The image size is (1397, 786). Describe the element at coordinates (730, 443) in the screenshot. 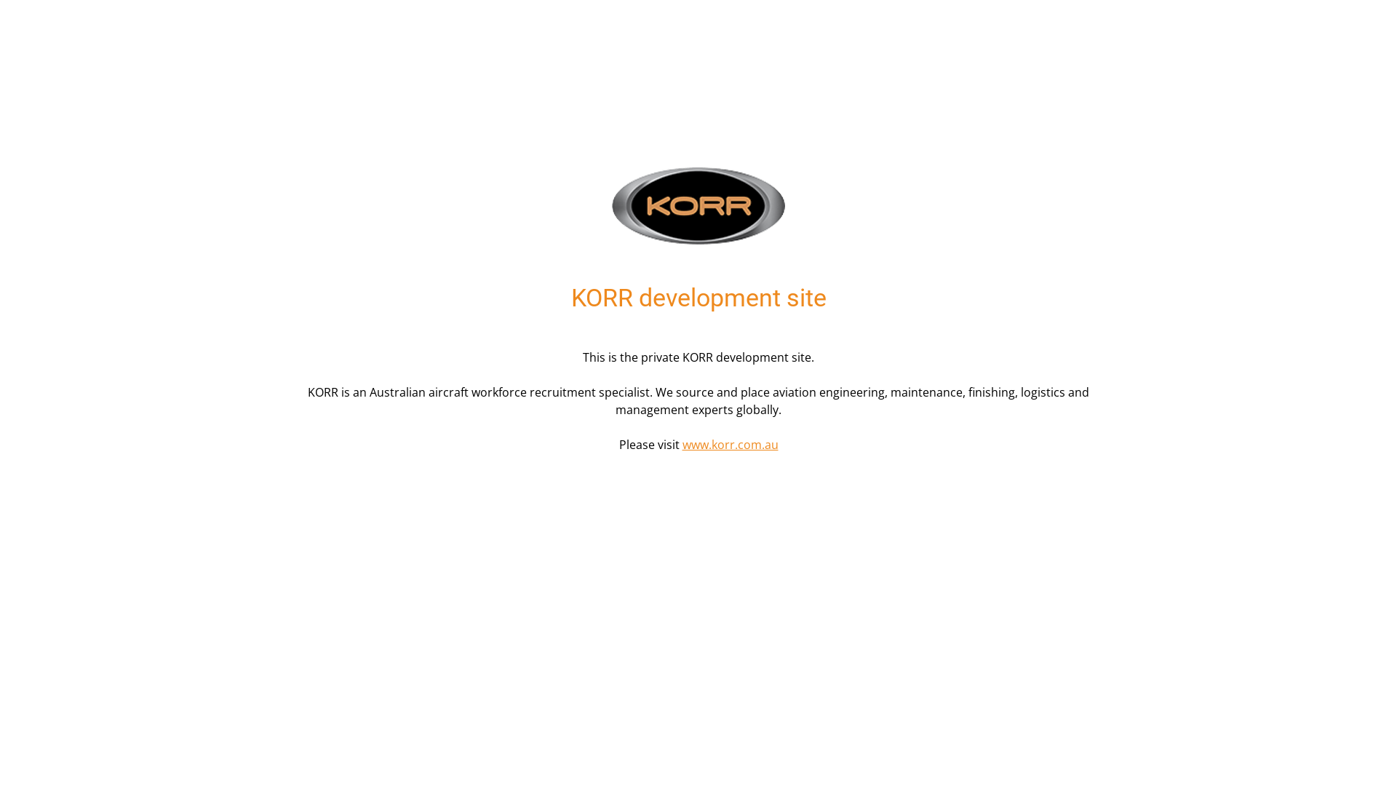

I see `'www.korr.com.au'` at that location.